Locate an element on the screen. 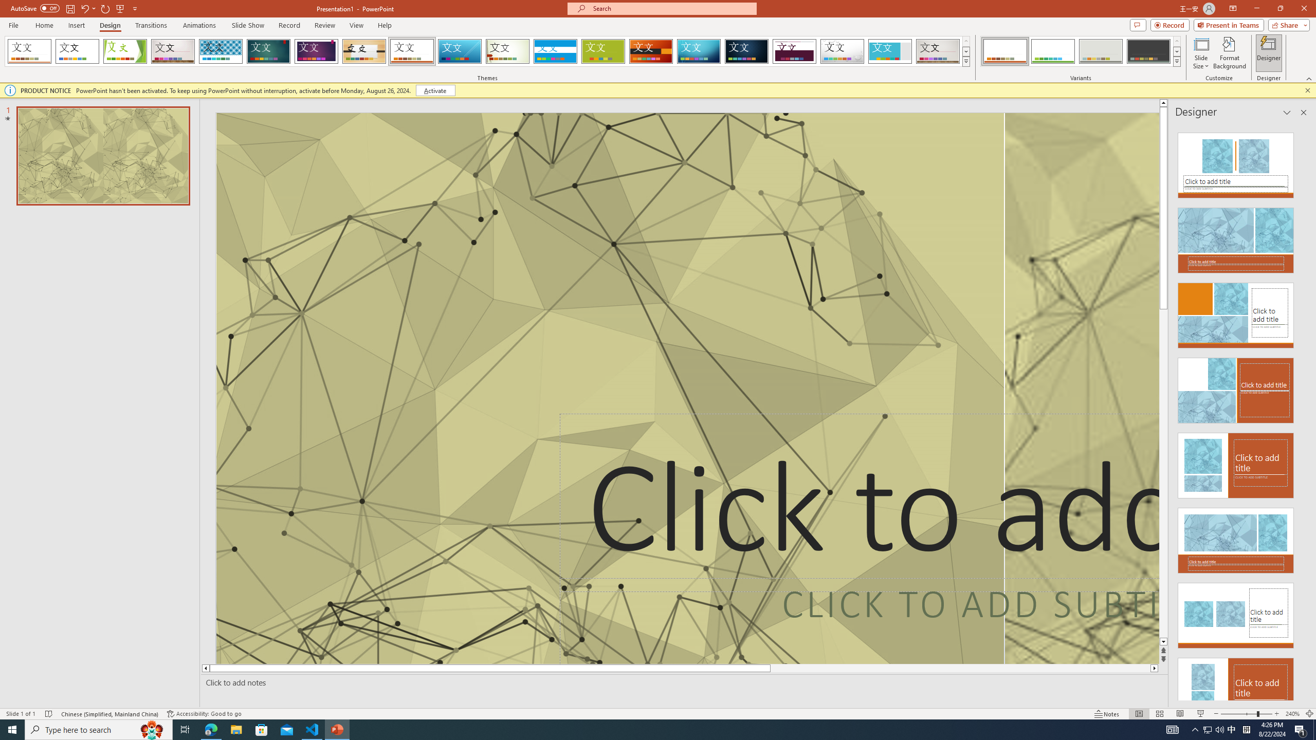 The width and height of the screenshot is (1316, 740). 'Berlin' is located at coordinates (651, 51).